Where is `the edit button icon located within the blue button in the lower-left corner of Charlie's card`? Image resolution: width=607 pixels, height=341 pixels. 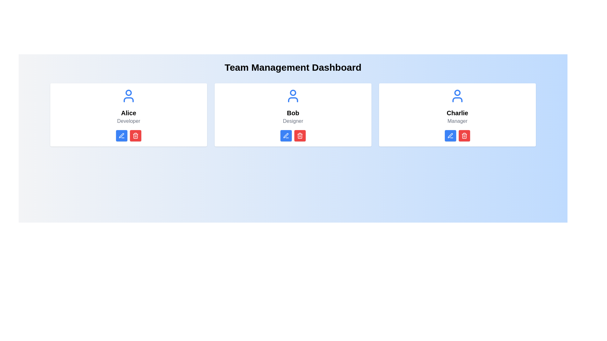 the edit button icon located within the blue button in the lower-left corner of Charlie's card is located at coordinates (450, 135).